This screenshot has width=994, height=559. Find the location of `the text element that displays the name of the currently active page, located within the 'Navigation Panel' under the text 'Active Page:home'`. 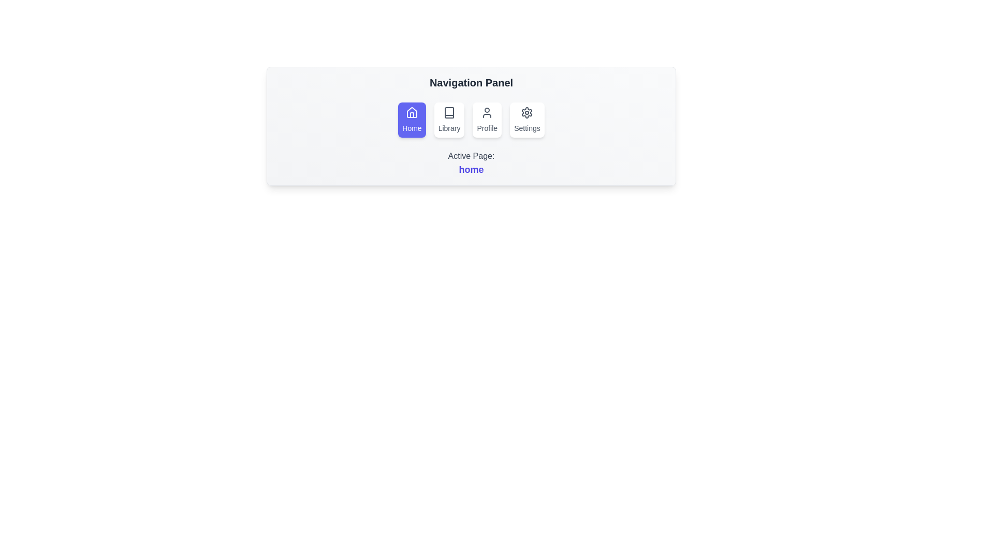

the text element that displays the name of the currently active page, located within the 'Navigation Panel' under the text 'Active Page:home' is located at coordinates (471, 169).